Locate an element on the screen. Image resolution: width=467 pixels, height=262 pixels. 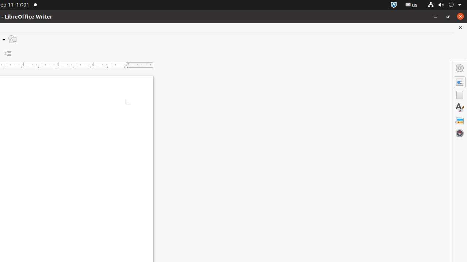
'Page' is located at coordinates (459, 95).